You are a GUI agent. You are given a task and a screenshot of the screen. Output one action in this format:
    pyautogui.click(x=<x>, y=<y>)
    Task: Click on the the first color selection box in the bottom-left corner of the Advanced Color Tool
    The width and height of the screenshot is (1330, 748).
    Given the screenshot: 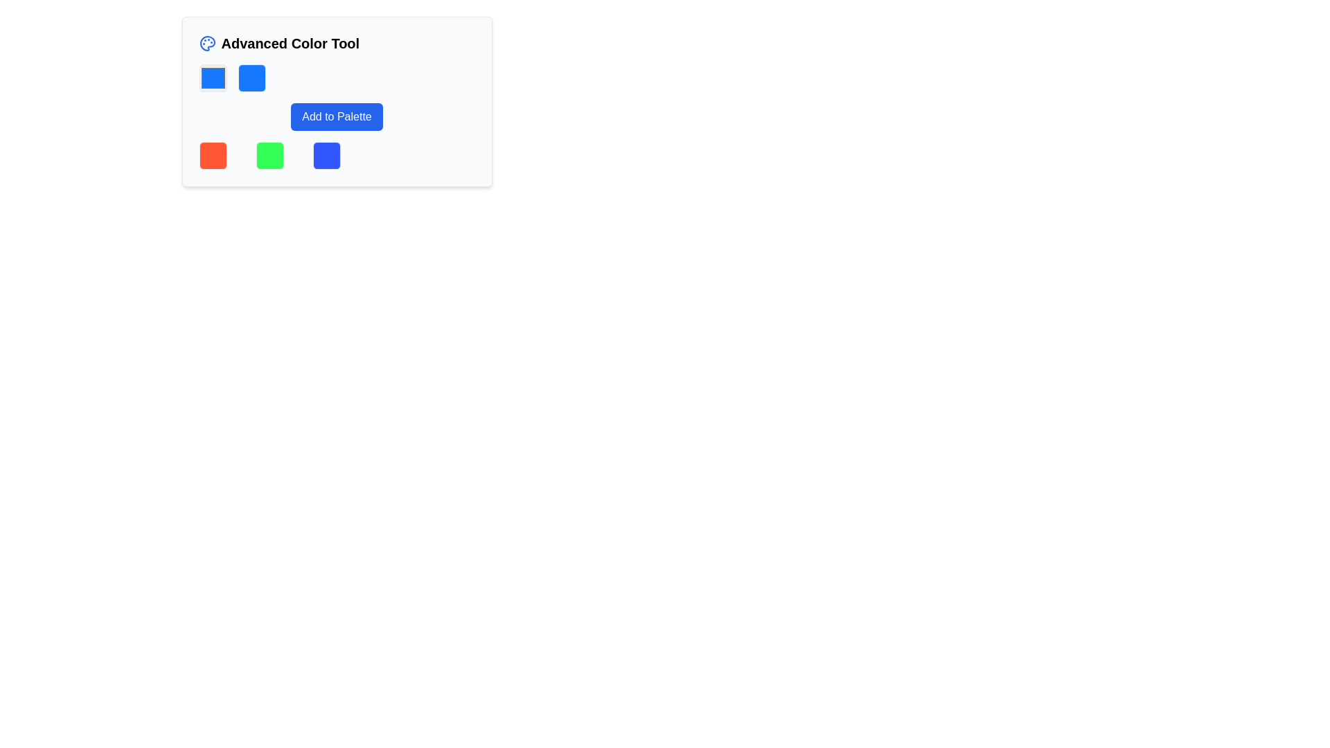 What is the action you would take?
    pyautogui.click(x=212, y=155)
    